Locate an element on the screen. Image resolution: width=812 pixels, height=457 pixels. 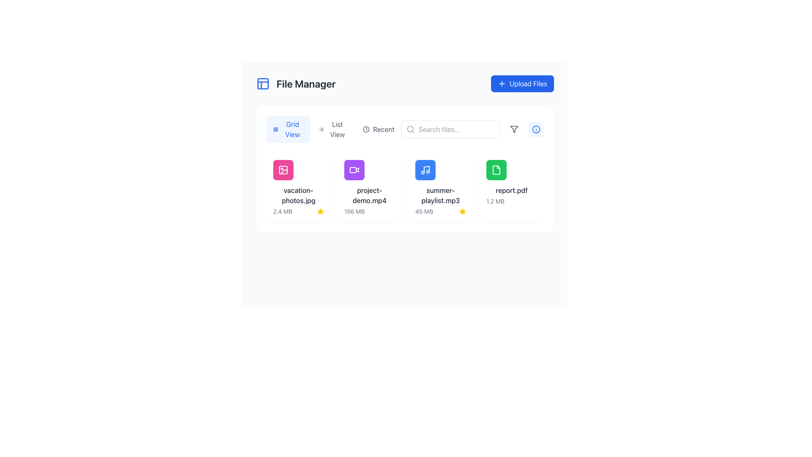
the text label displaying the filename 'project-demo.mp4' which is located below the purple video icon in the second tile of the grid layout is located at coordinates (369, 195).